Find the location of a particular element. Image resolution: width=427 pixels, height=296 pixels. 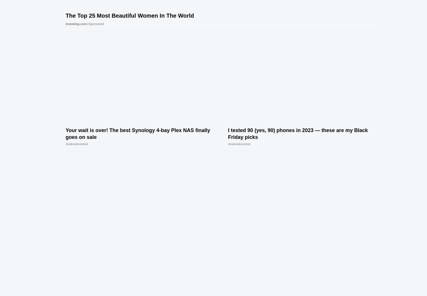

'© Future Publishing Limited Quay House, The Ambury, Bath BA1 1UA.' is located at coordinates (83, 254).